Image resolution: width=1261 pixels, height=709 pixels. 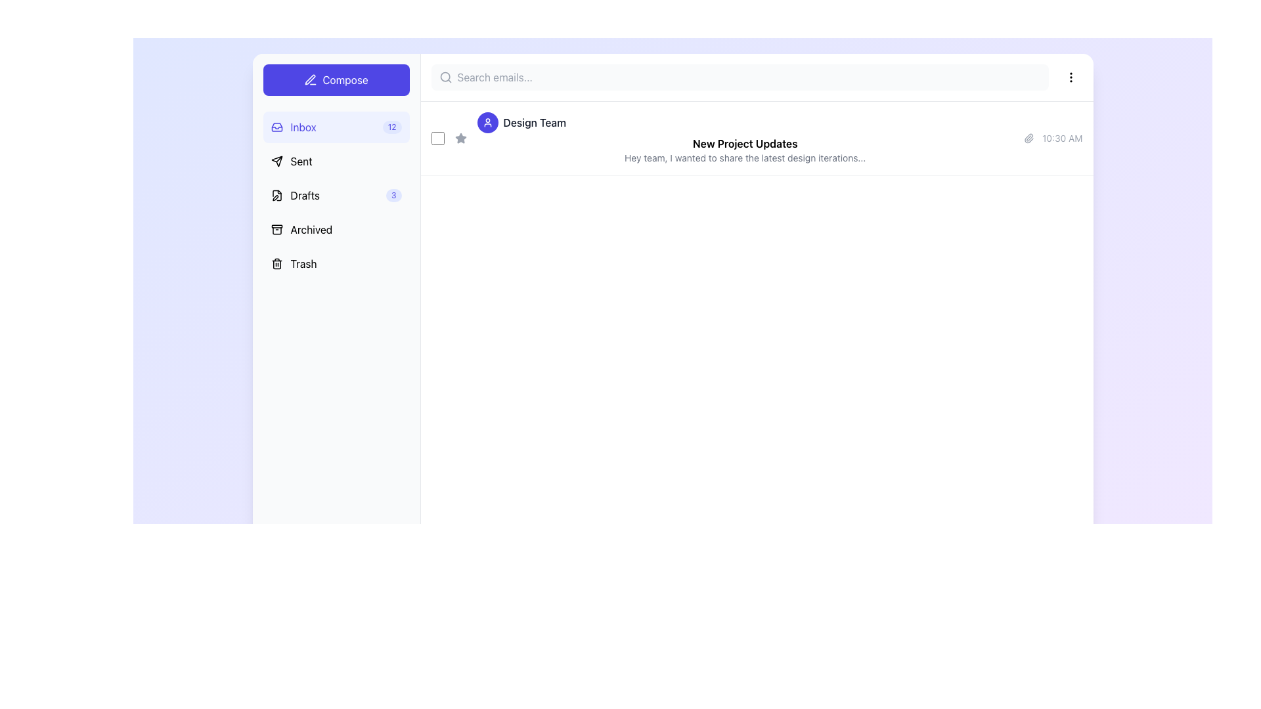 I want to click on the file icon with a pen symbol located in the sidebar next to the 'Drafts' menu label, so click(x=276, y=195).